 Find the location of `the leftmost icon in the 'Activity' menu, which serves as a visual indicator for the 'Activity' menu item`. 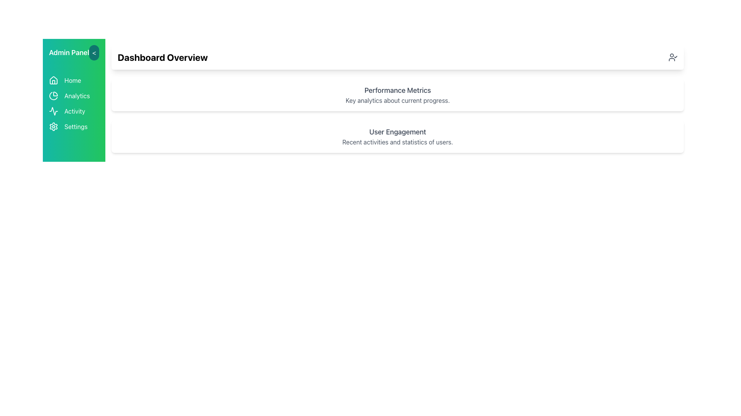

the leftmost icon in the 'Activity' menu, which serves as a visual indicator for the 'Activity' menu item is located at coordinates (53, 111).